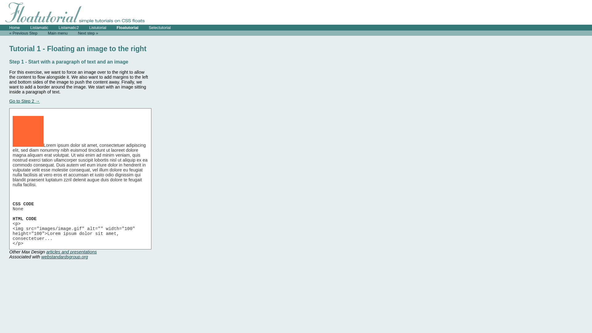  Describe the element at coordinates (97, 27) in the screenshot. I see `'Listutorial'` at that location.